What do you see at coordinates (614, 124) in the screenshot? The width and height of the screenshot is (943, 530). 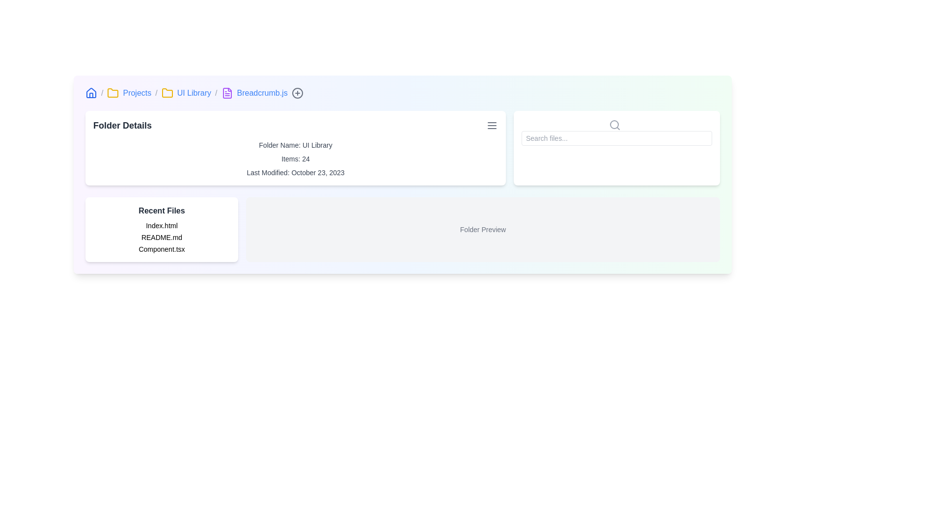 I see `the search icon represented by a magnifying glass symbol located at the top-right section of the interface, within the search bar component` at bounding box center [614, 124].